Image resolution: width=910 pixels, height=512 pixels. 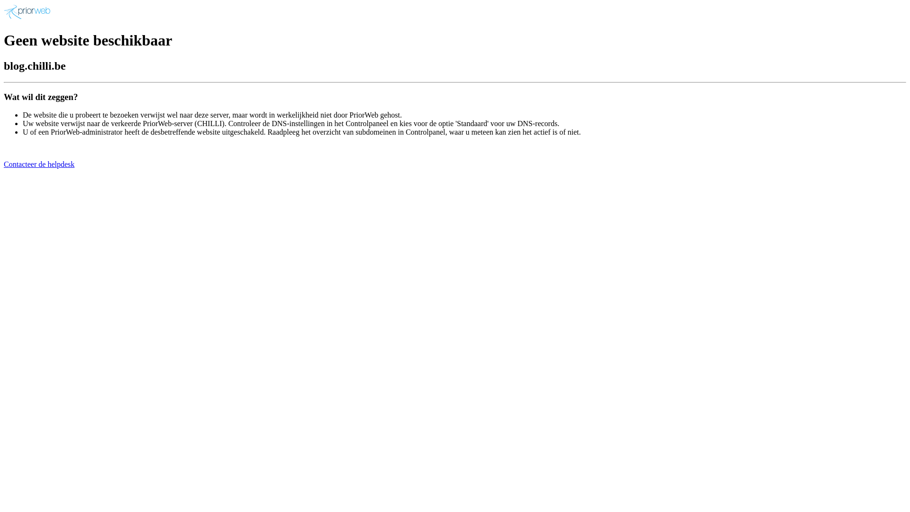 What do you see at coordinates (4, 164) in the screenshot?
I see `'Contacteer de helpdesk'` at bounding box center [4, 164].